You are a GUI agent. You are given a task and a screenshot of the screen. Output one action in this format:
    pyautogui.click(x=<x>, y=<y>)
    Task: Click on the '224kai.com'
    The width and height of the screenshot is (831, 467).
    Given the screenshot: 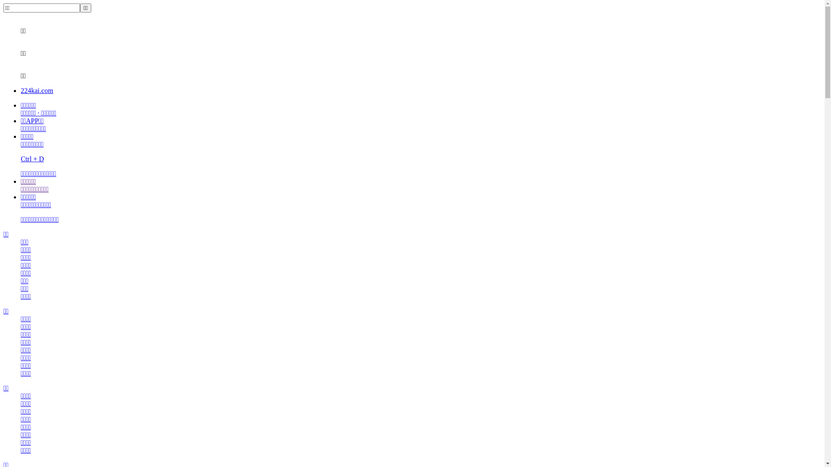 What is the action you would take?
    pyautogui.click(x=36, y=90)
    